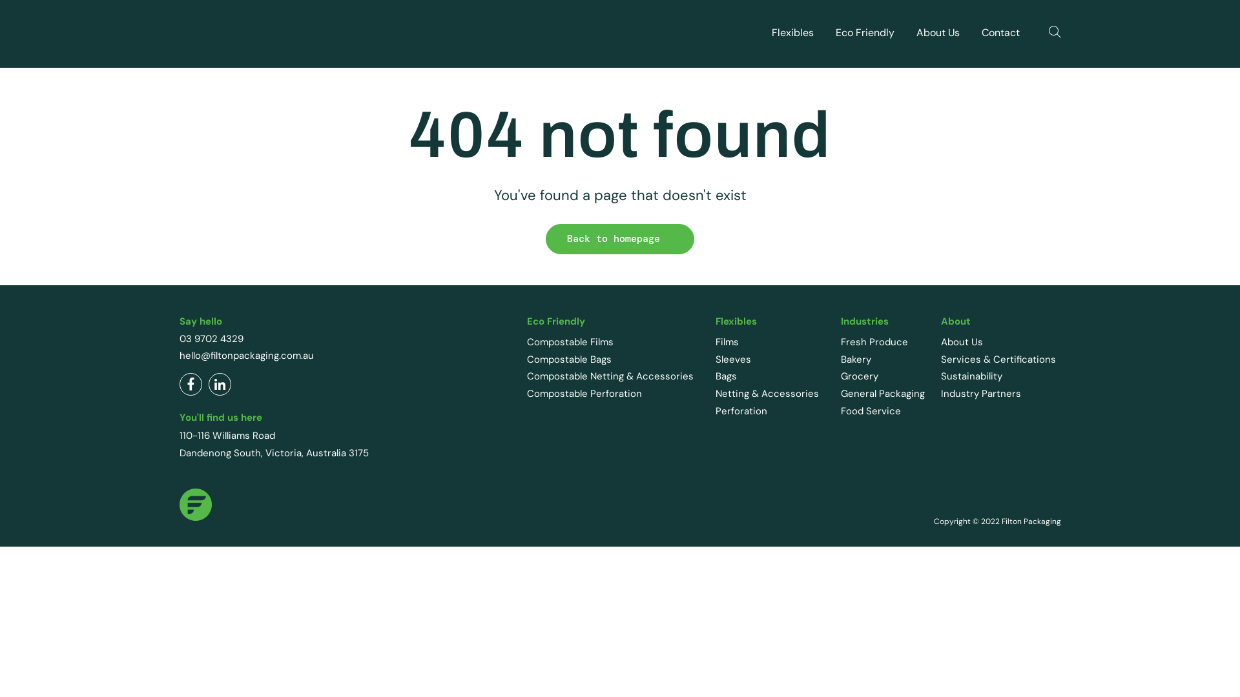 The image size is (1240, 697). Describe the element at coordinates (971, 376) in the screenshot. I see `'Sustainability'` at that location.